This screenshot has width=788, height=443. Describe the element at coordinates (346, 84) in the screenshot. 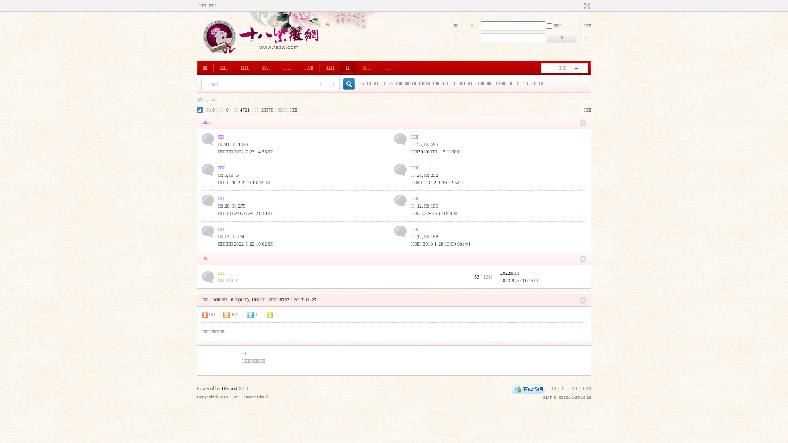

I see `'true'` at that location.